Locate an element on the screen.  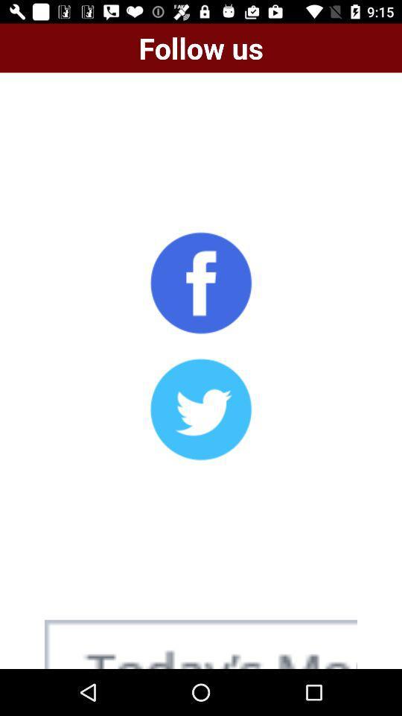
button used to follow on facebook is located at coordinates (201, 282).